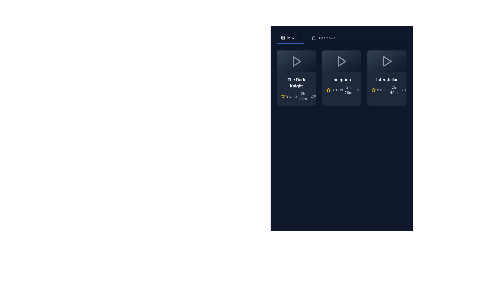  What do you see at coordinates (290, 38) in the screenshot?
I see `the 'Movies' navigation tab, which is emphasized by a blue underline and displays a film icon` at bounding box center [290, 38].